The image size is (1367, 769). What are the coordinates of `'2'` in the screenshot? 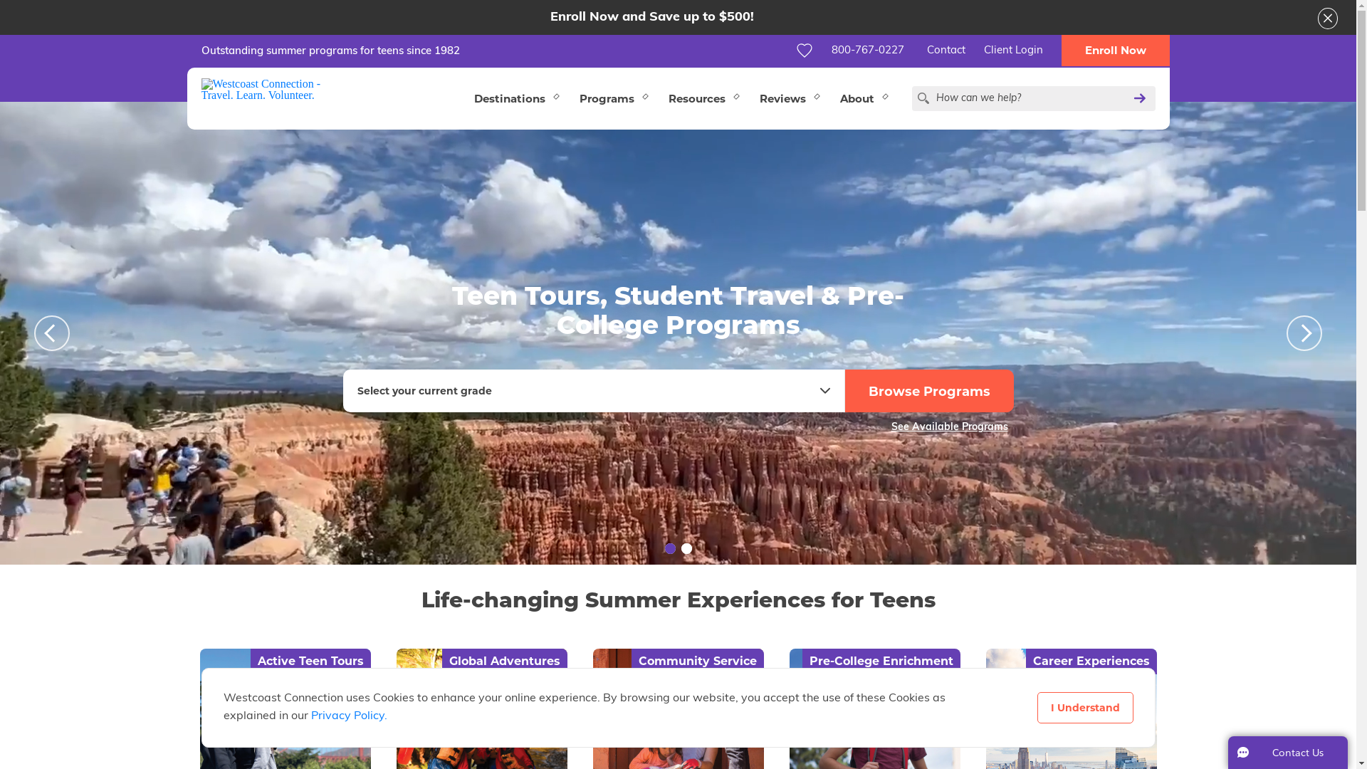 It's located at (679, 548).